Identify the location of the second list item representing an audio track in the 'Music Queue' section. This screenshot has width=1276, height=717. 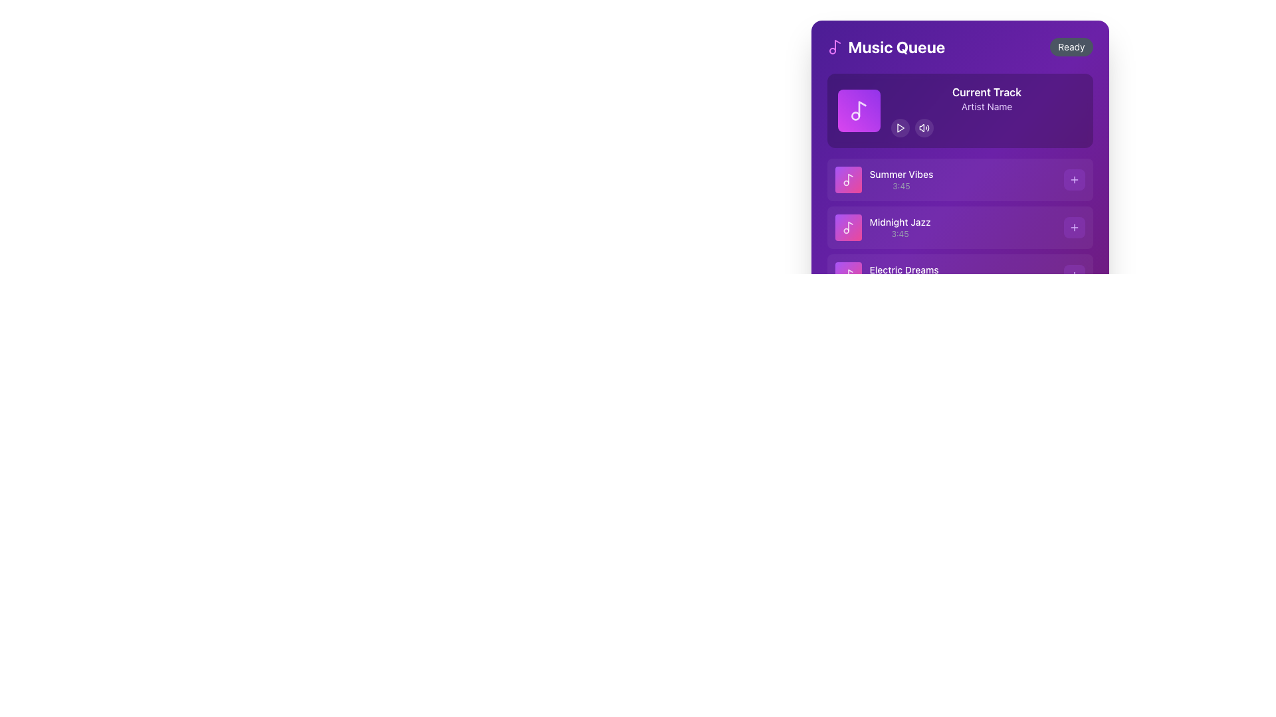
(960, 227).